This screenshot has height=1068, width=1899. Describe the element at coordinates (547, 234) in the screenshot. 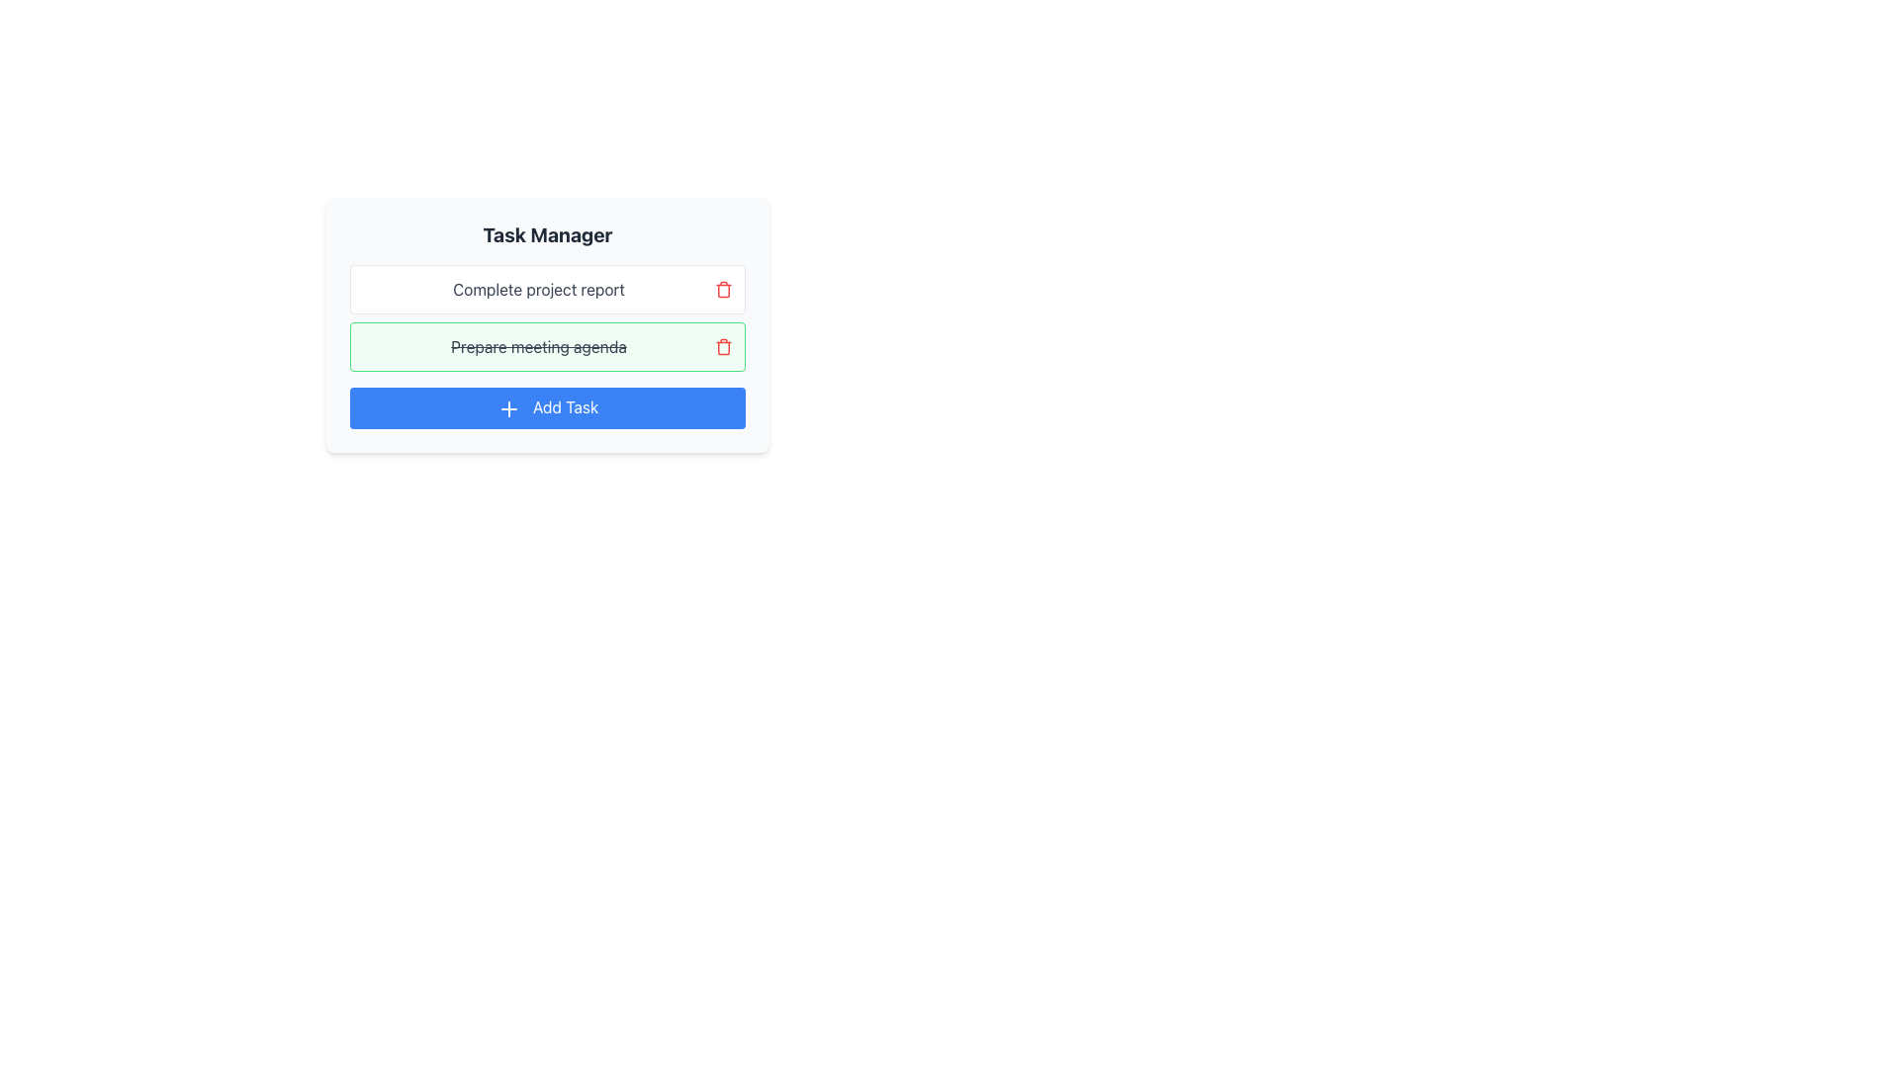

I see `the 'Task Manager' static text header, which is bold and centered in a white box at the top of the task list interface` at that location.